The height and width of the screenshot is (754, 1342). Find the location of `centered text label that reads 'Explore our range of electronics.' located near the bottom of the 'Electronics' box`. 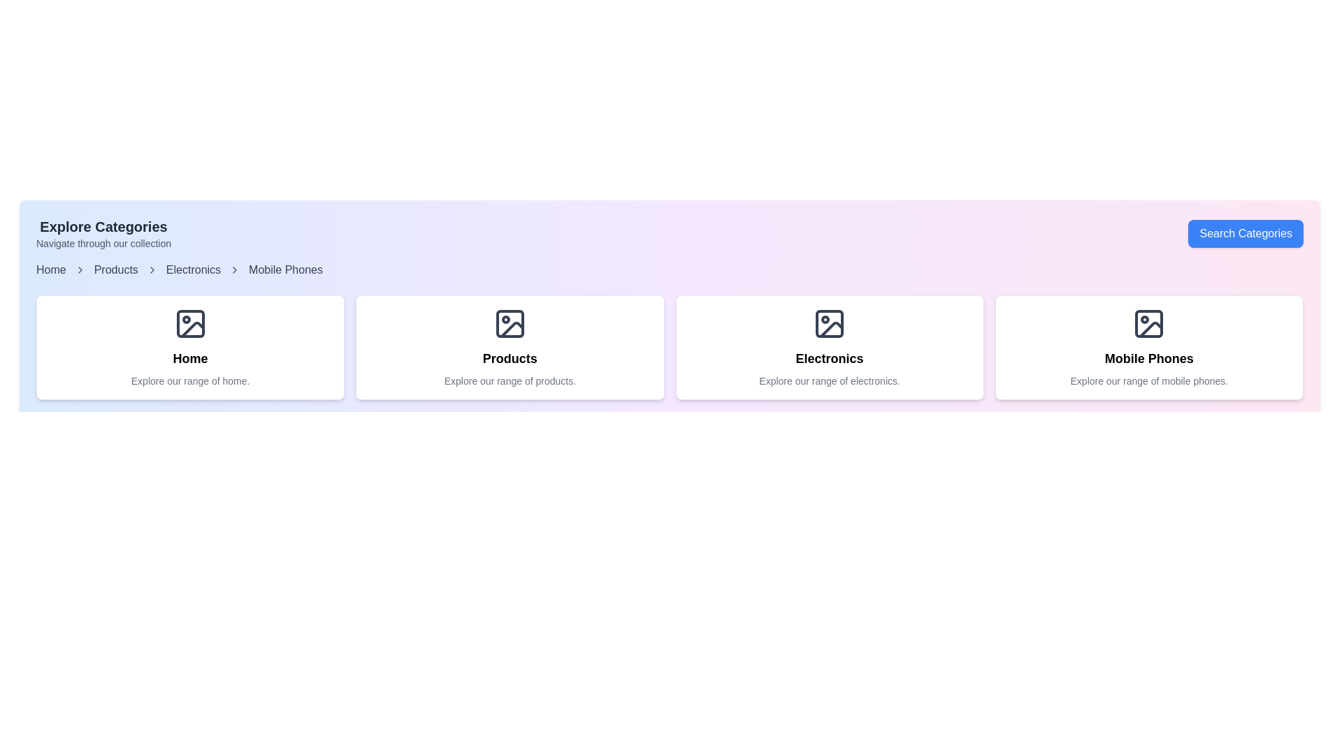

centered text label that reads 'Explore our range of electronics.' located near the bottom of the 'Electronics' box is located at coordinates (830, 381).